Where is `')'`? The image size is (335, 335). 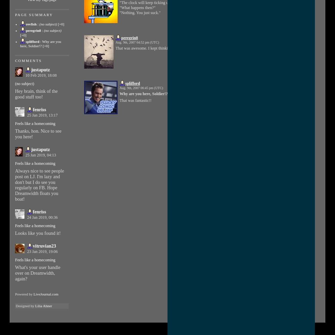
')' is located at coordinates (230, 132).